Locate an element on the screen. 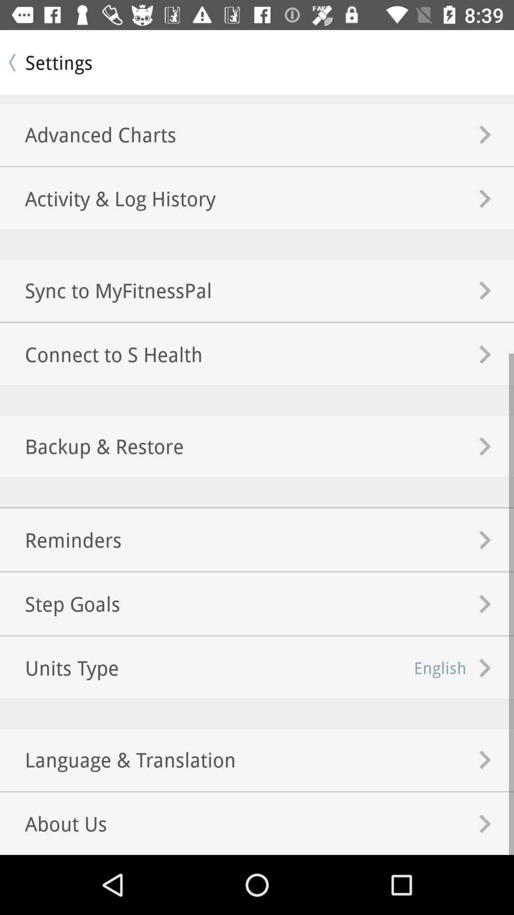 The width and height of the screenshot is (514, 915). the backup & restore item is located at coordinates (92, 446).